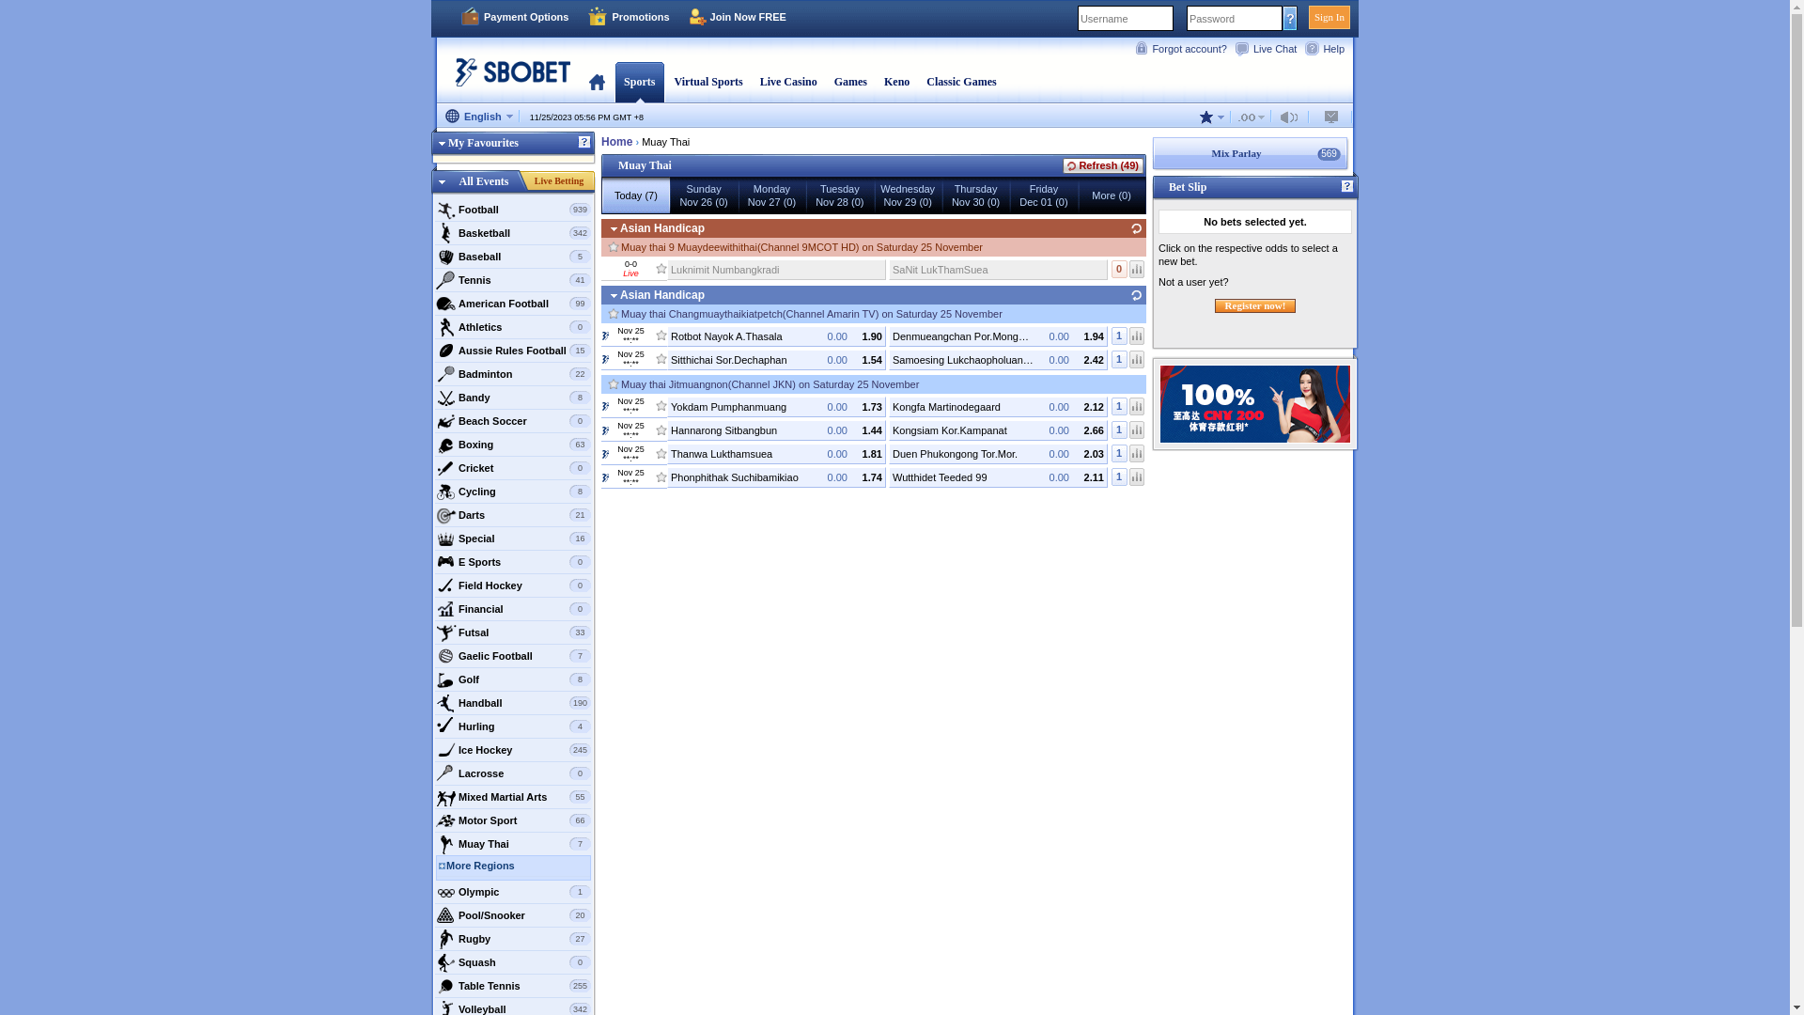 The width and height of the screenshot is (1804, 1015). Describe the element at coordinates (513, 373) in the screenshot. I see `'Badminton` at that location.